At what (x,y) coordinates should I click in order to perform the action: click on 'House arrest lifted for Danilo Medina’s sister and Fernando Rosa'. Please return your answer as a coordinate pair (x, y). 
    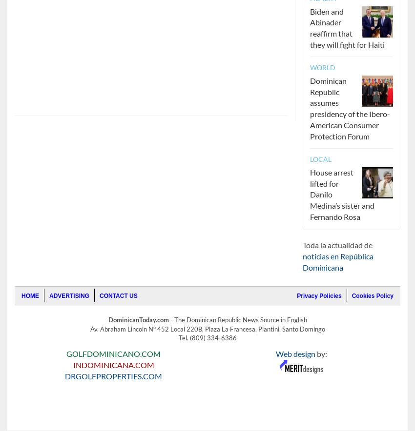
    Looking at the image, I should click on (310, 194).